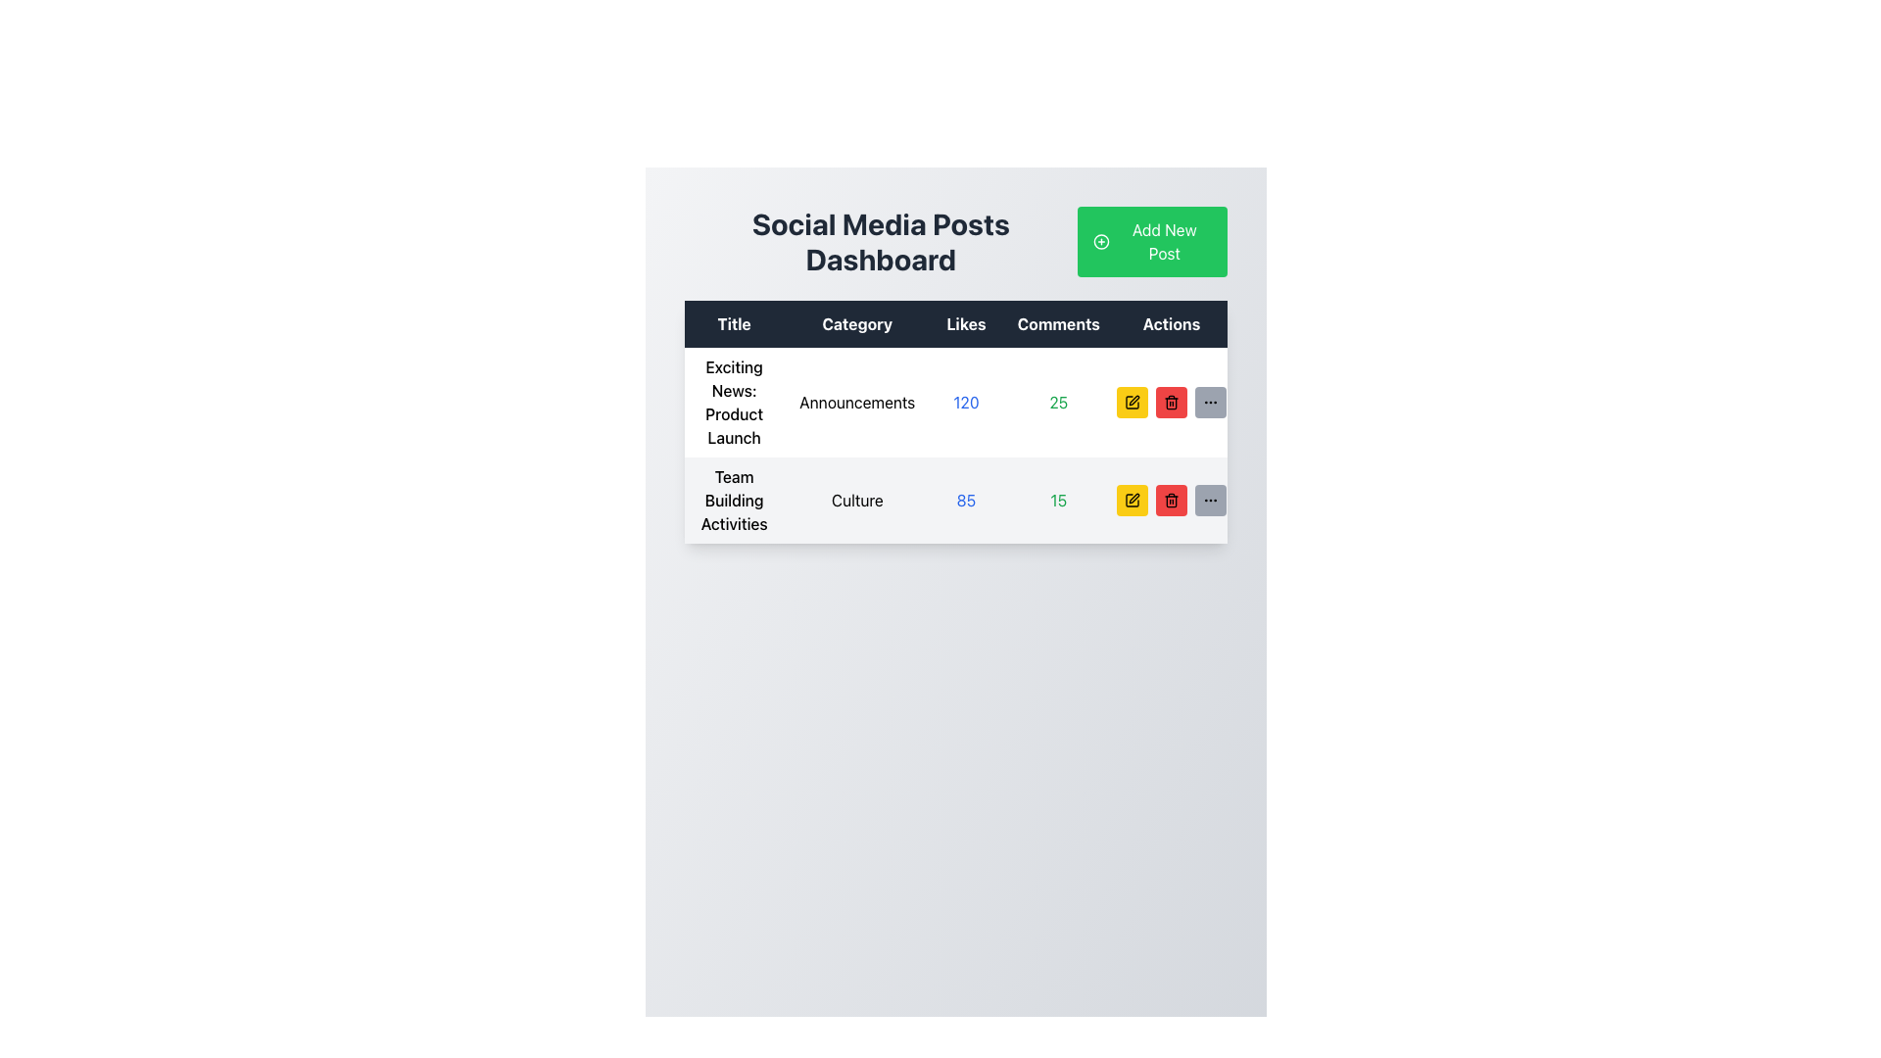 This screenshot has width=1881, height=1058. Describe the element at coordinates (1133, 499) in the screenshot. I see `the edit button located in the second row of the table under the 'Actions' column to initiate an edit operation for the corresponding data` at that location.